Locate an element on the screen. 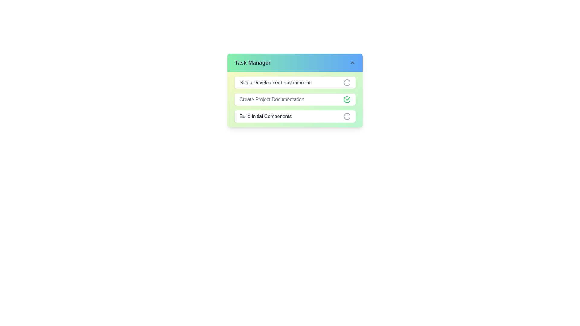  the task name Build Initial Components to focus or select its text is located at coordinates (265, 116).